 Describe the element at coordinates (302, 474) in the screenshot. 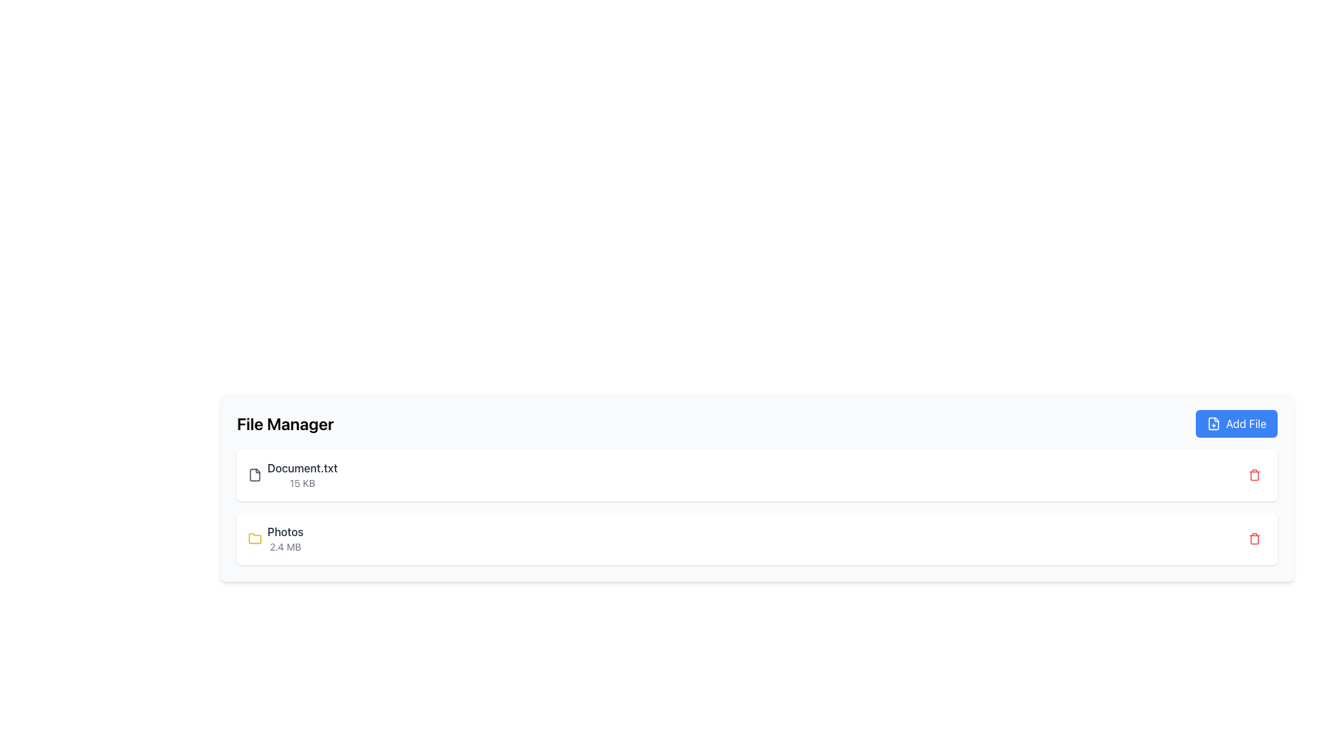

I see `on the text display element showing 'Document.txt' and '15 KB' in the File Manager interface` at that location.